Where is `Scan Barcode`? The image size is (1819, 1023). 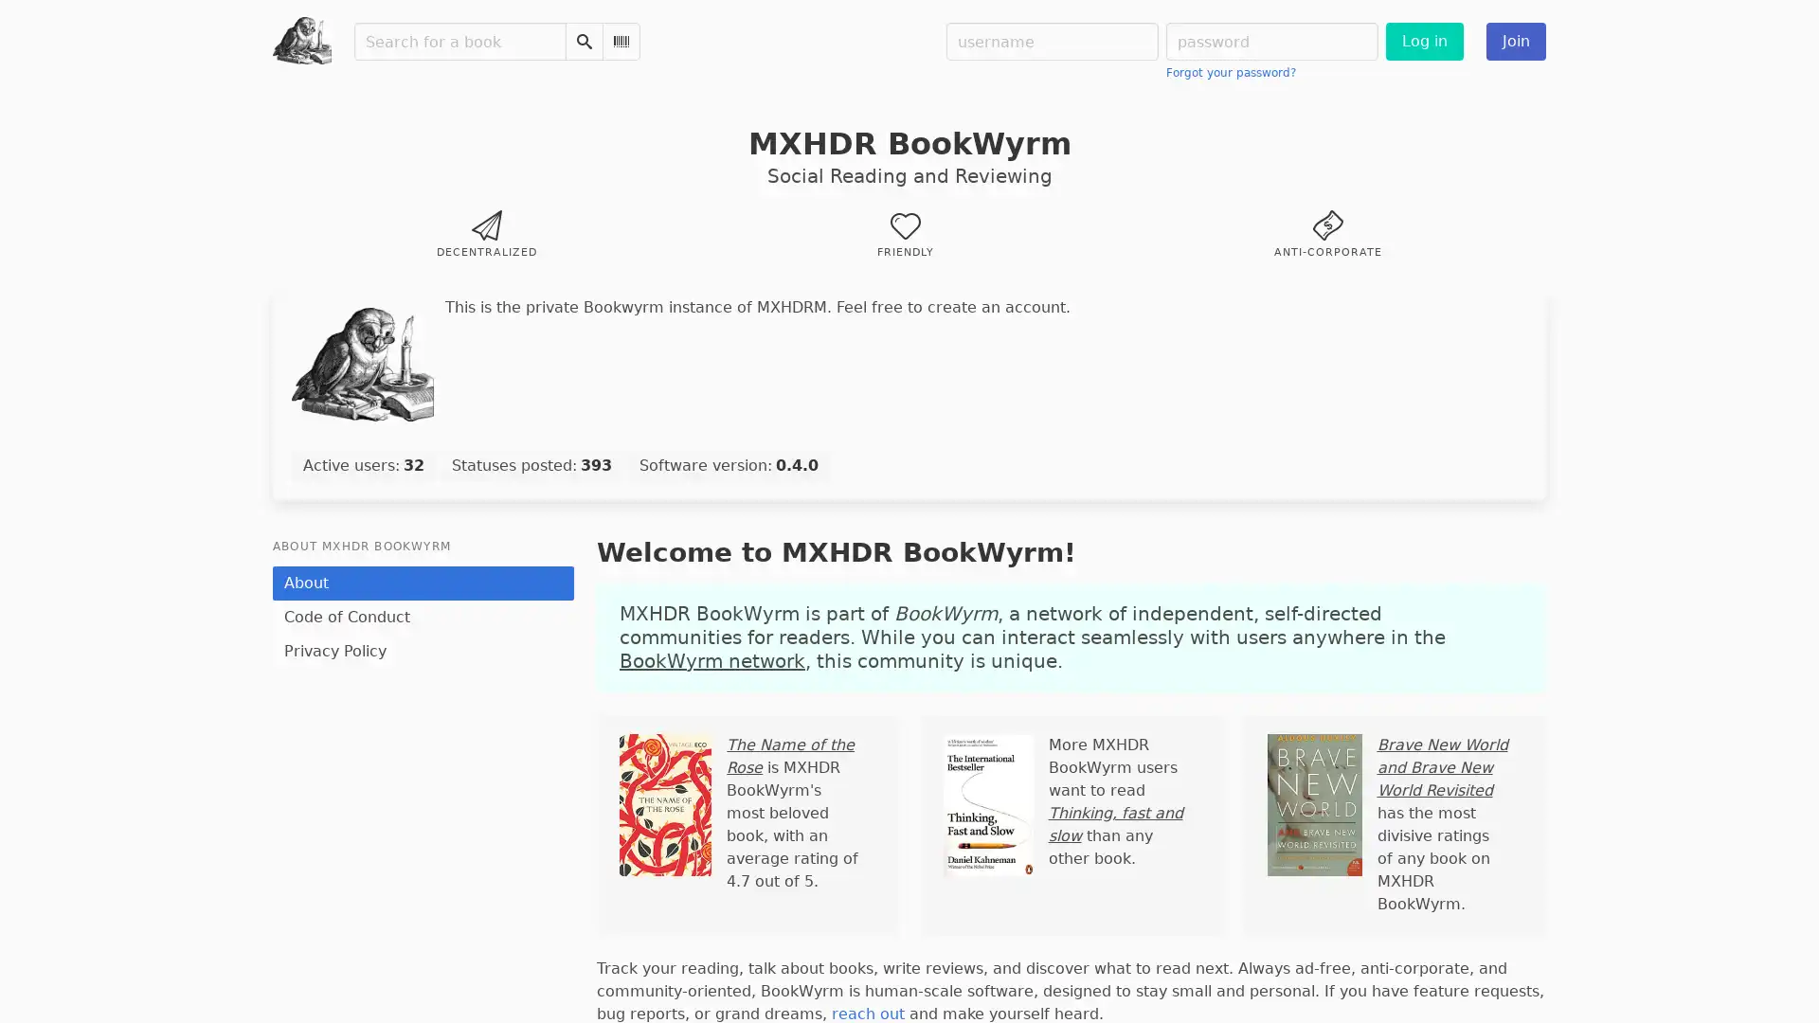 Scan Barcode is located at coordinates (621, 41).